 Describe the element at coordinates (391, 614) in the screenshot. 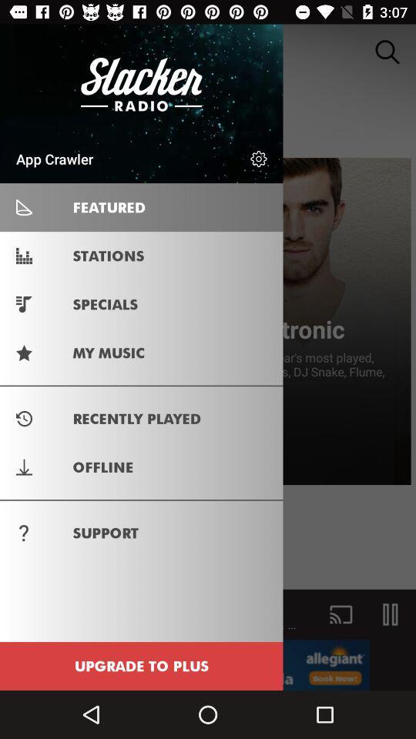

I see `the pause icon` at that location.